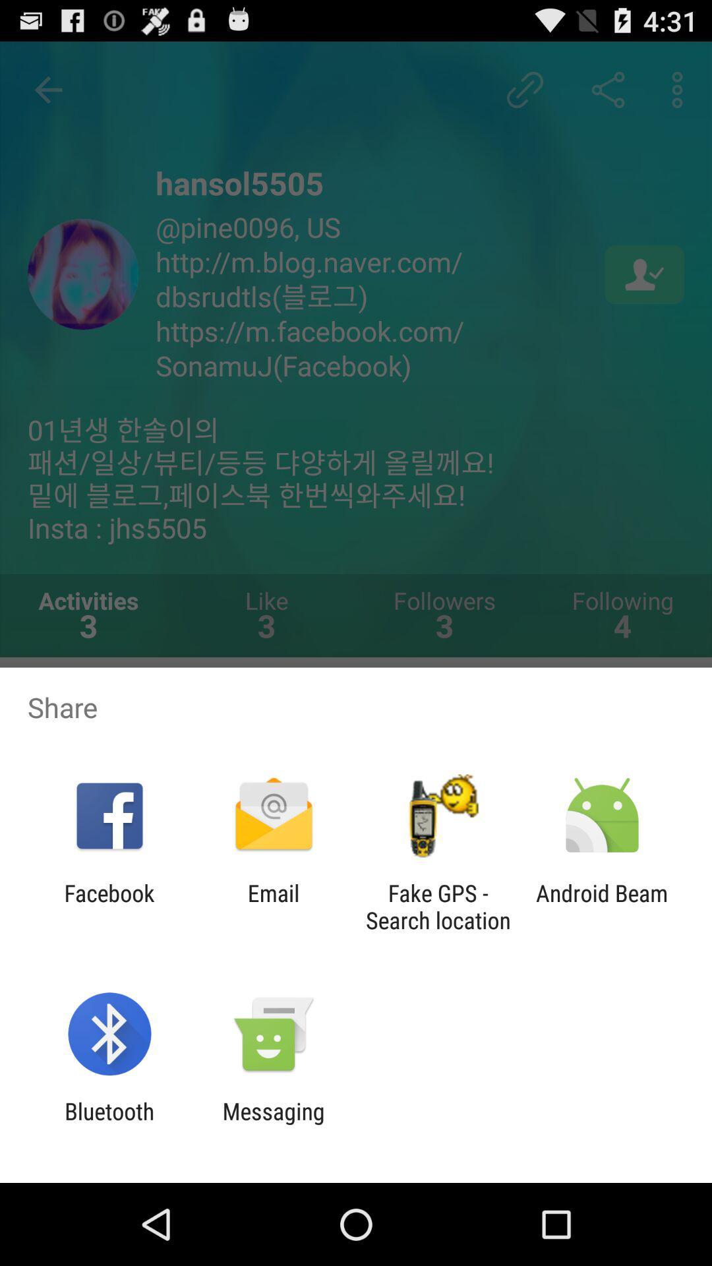 The image size is (712, 1266). I want to click on app to the left of email item, so click(109, 906).